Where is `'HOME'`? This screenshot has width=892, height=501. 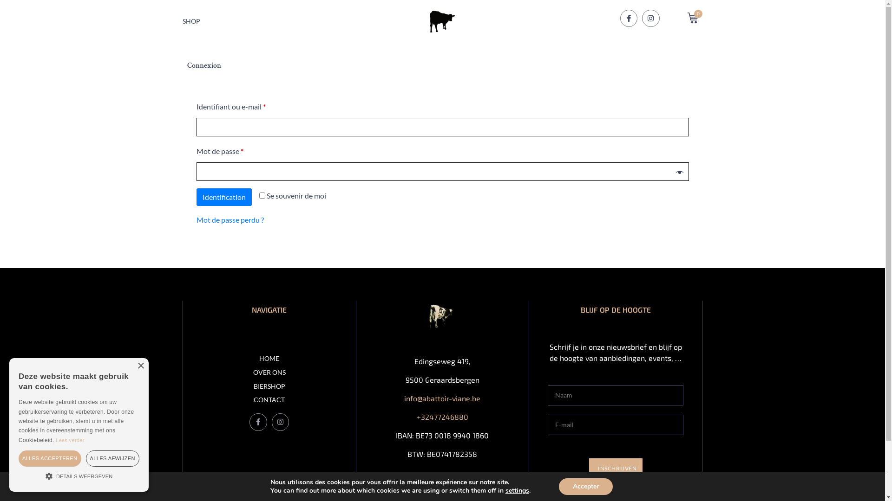
'HOME' is located at coordinates (269, 358).